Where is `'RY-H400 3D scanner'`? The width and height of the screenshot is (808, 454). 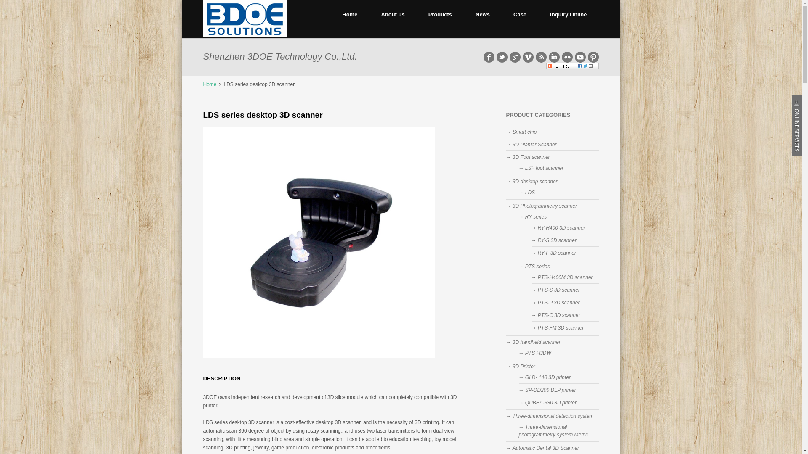 'RY-H400 3D scanner' is located at coordinates (561, 228).